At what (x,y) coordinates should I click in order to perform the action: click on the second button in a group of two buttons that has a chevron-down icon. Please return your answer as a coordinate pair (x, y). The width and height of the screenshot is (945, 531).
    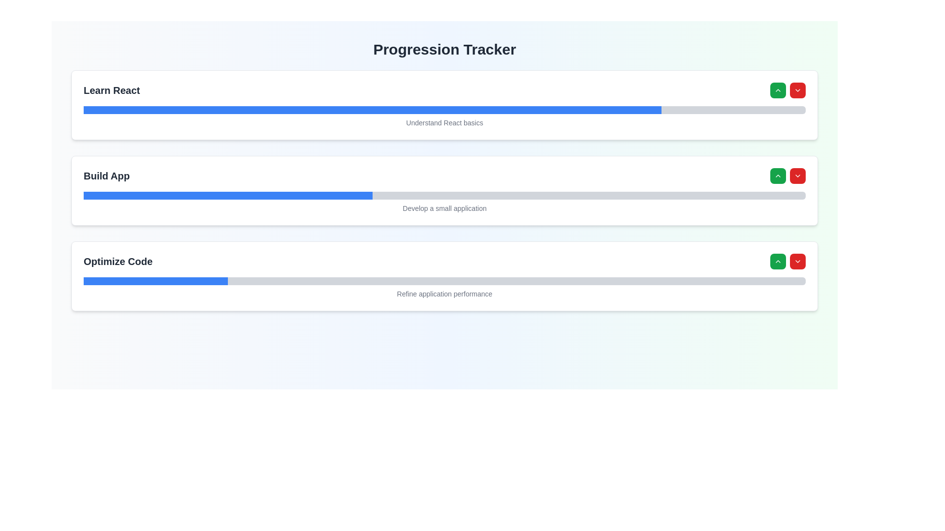
    Looking at the image, I should click on (798, 176).